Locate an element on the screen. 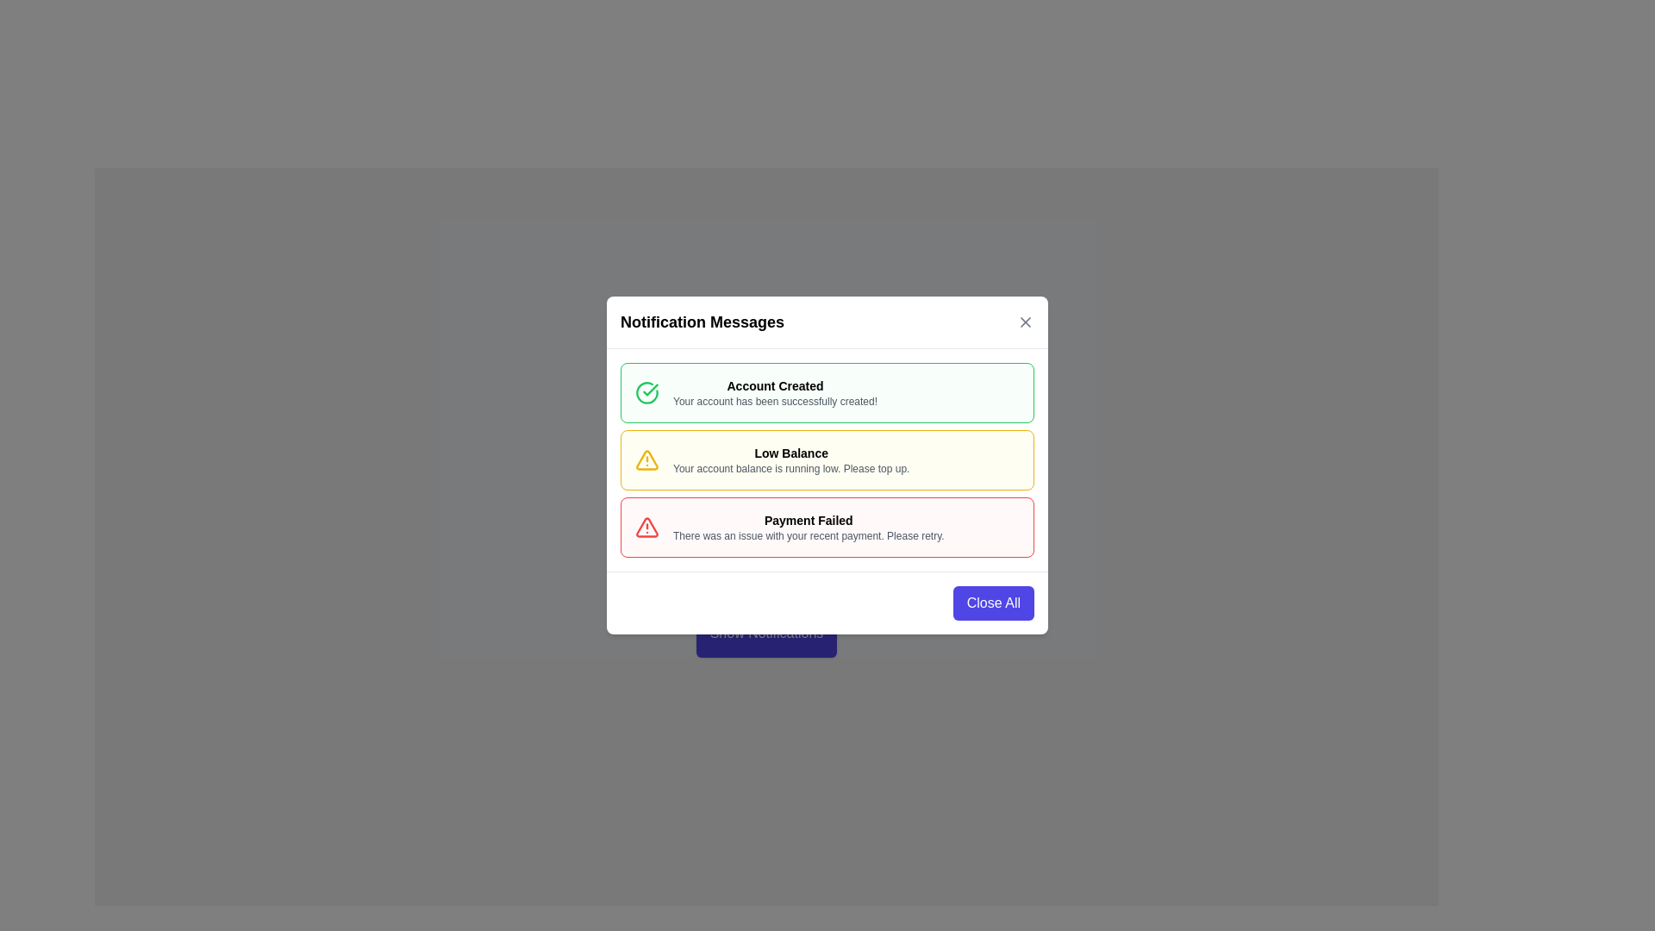 Image resolution: width=1655 pixels, height=931 pixels. the success icon in the 'Account Created' notification, which is the first icon on the notification card is located at coordinates (646, 392).